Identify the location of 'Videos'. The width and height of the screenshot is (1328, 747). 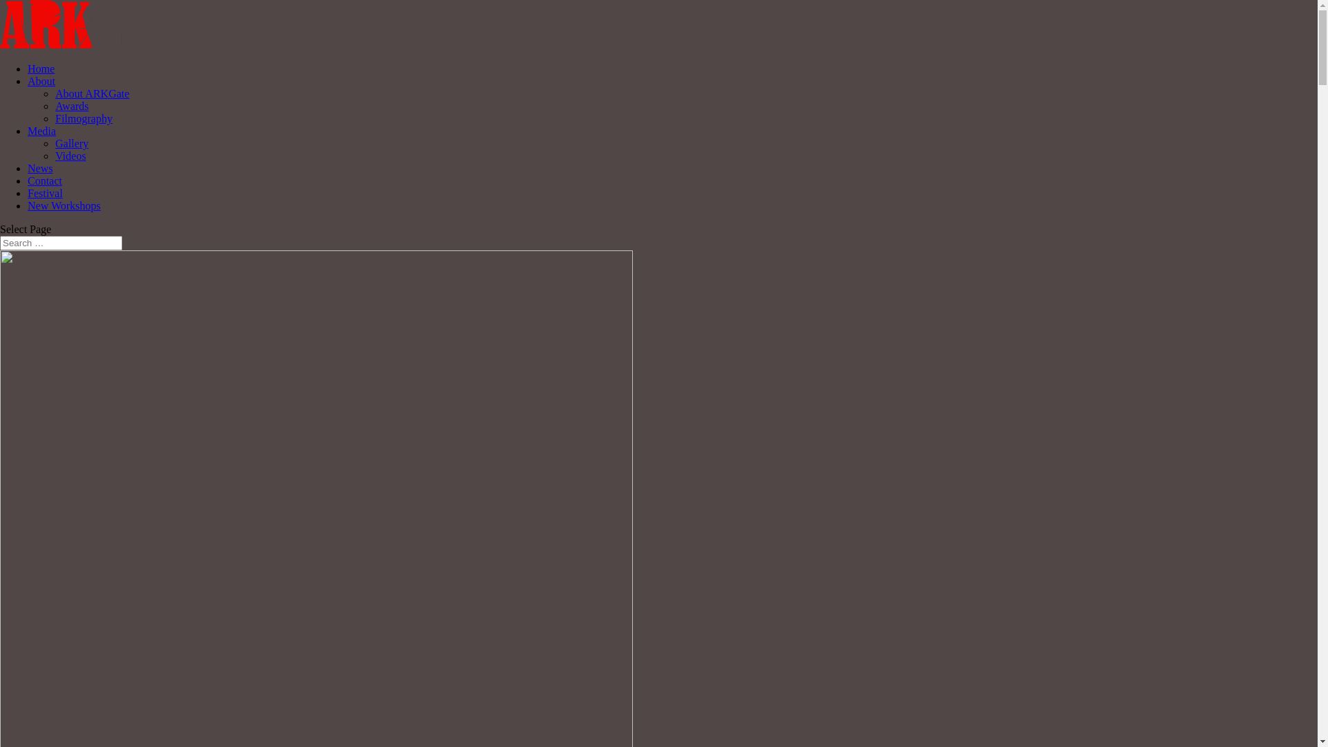
(69, 156).